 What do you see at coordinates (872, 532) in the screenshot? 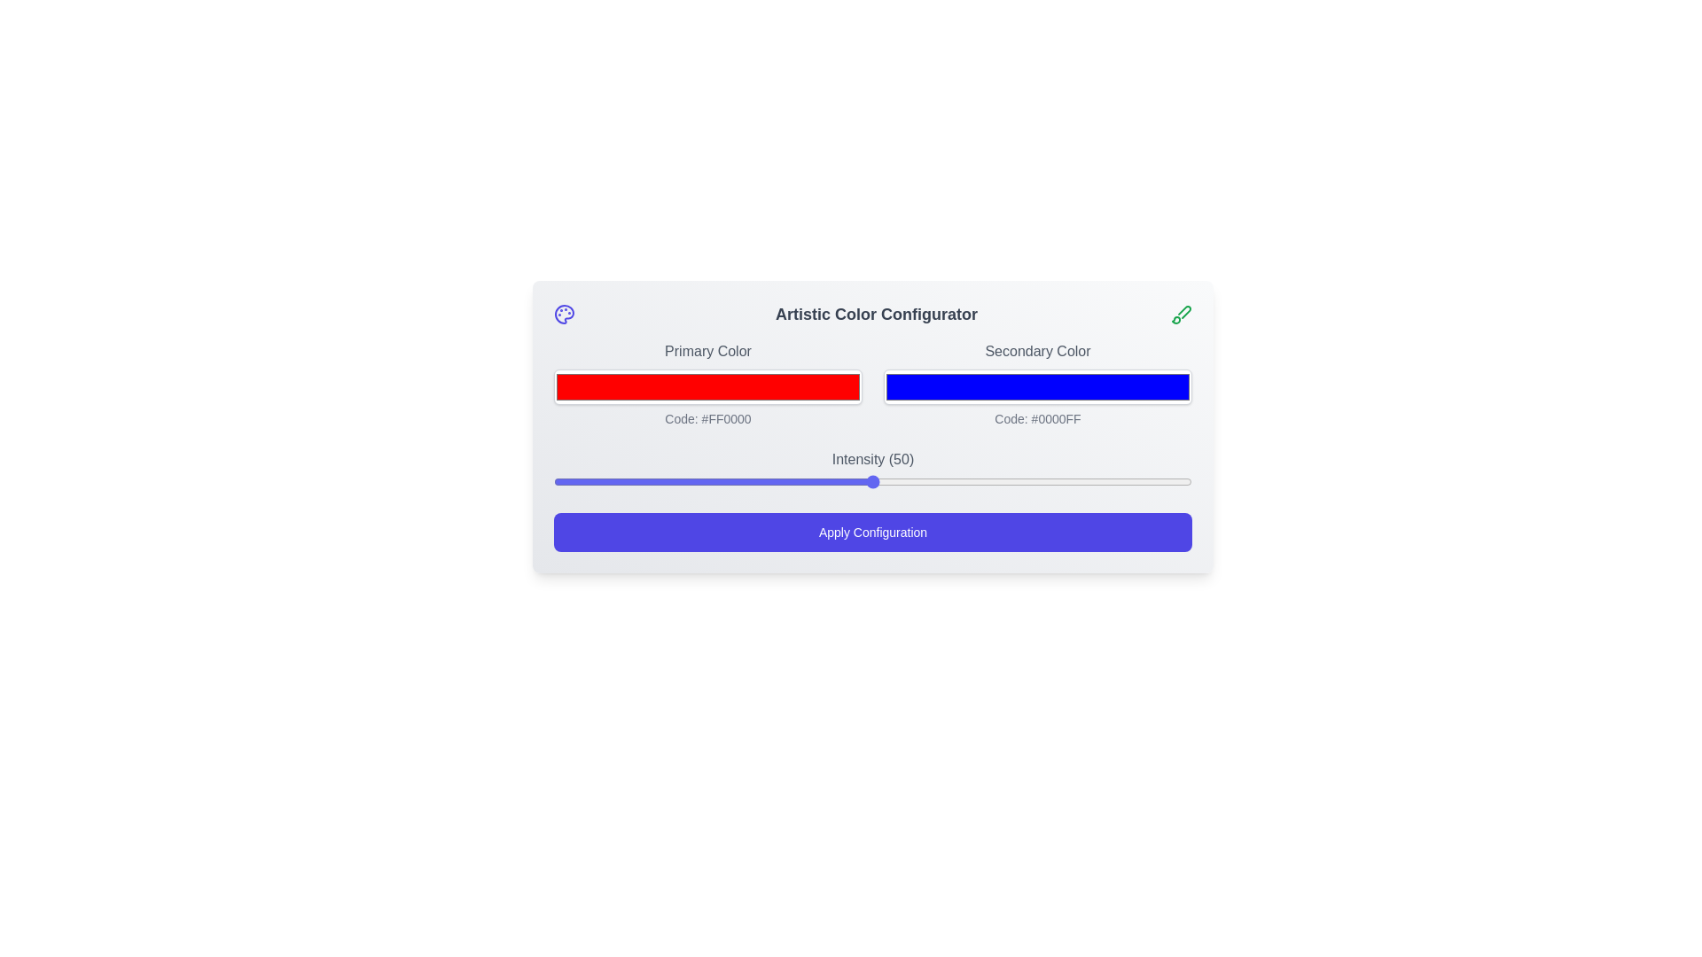
I see `the 'Apply Configuration' button to apply the settings` at bounding box center [872, 532].